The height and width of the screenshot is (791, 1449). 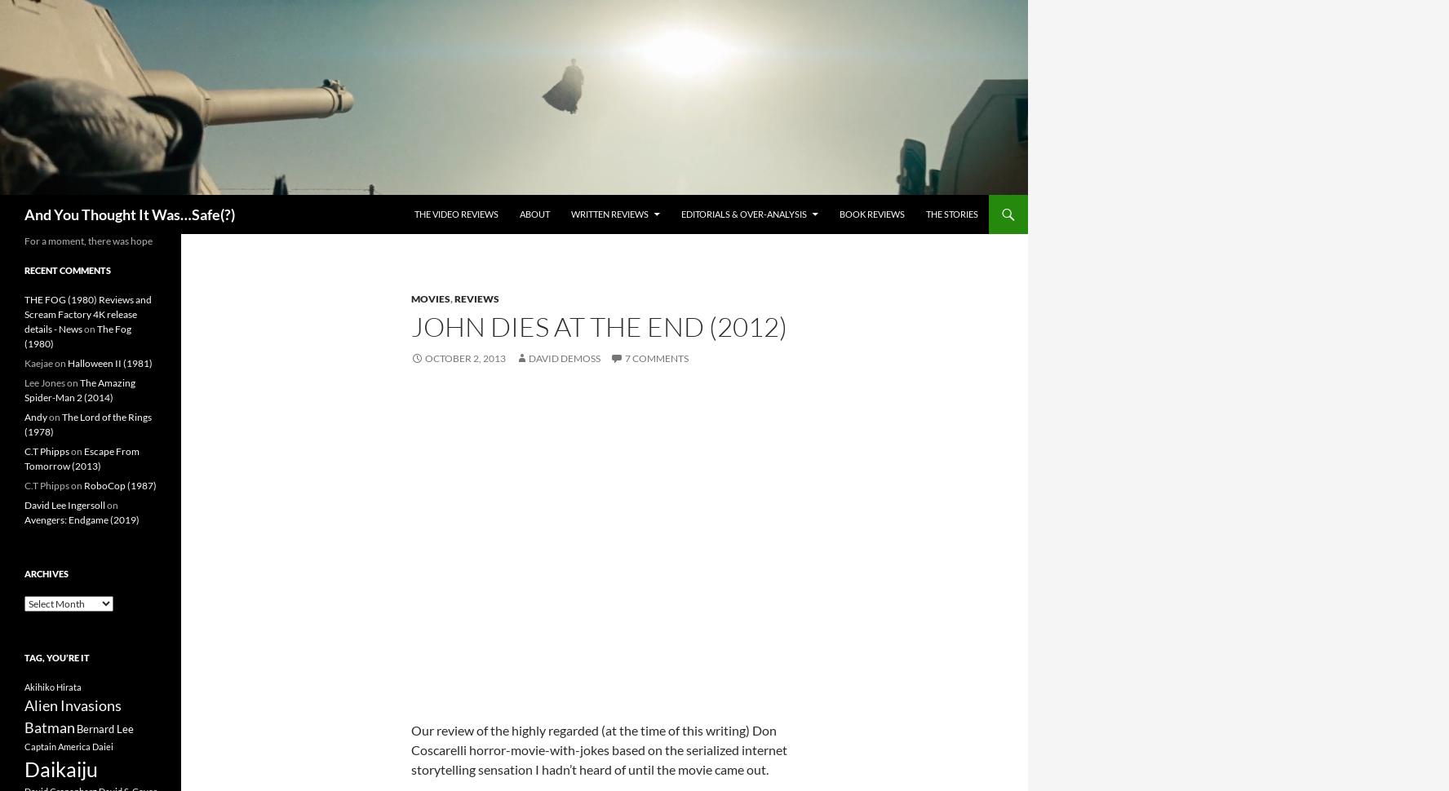 I want to click on 'Halloween II (1981)', so click(x=67, y=362).